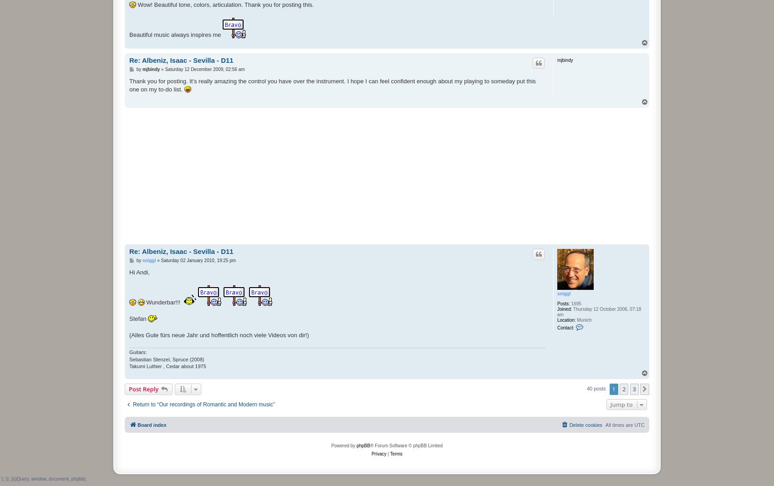  Describe the element at coordinates (151, 424) in the screenshot. I see `'Board index'` at that location.